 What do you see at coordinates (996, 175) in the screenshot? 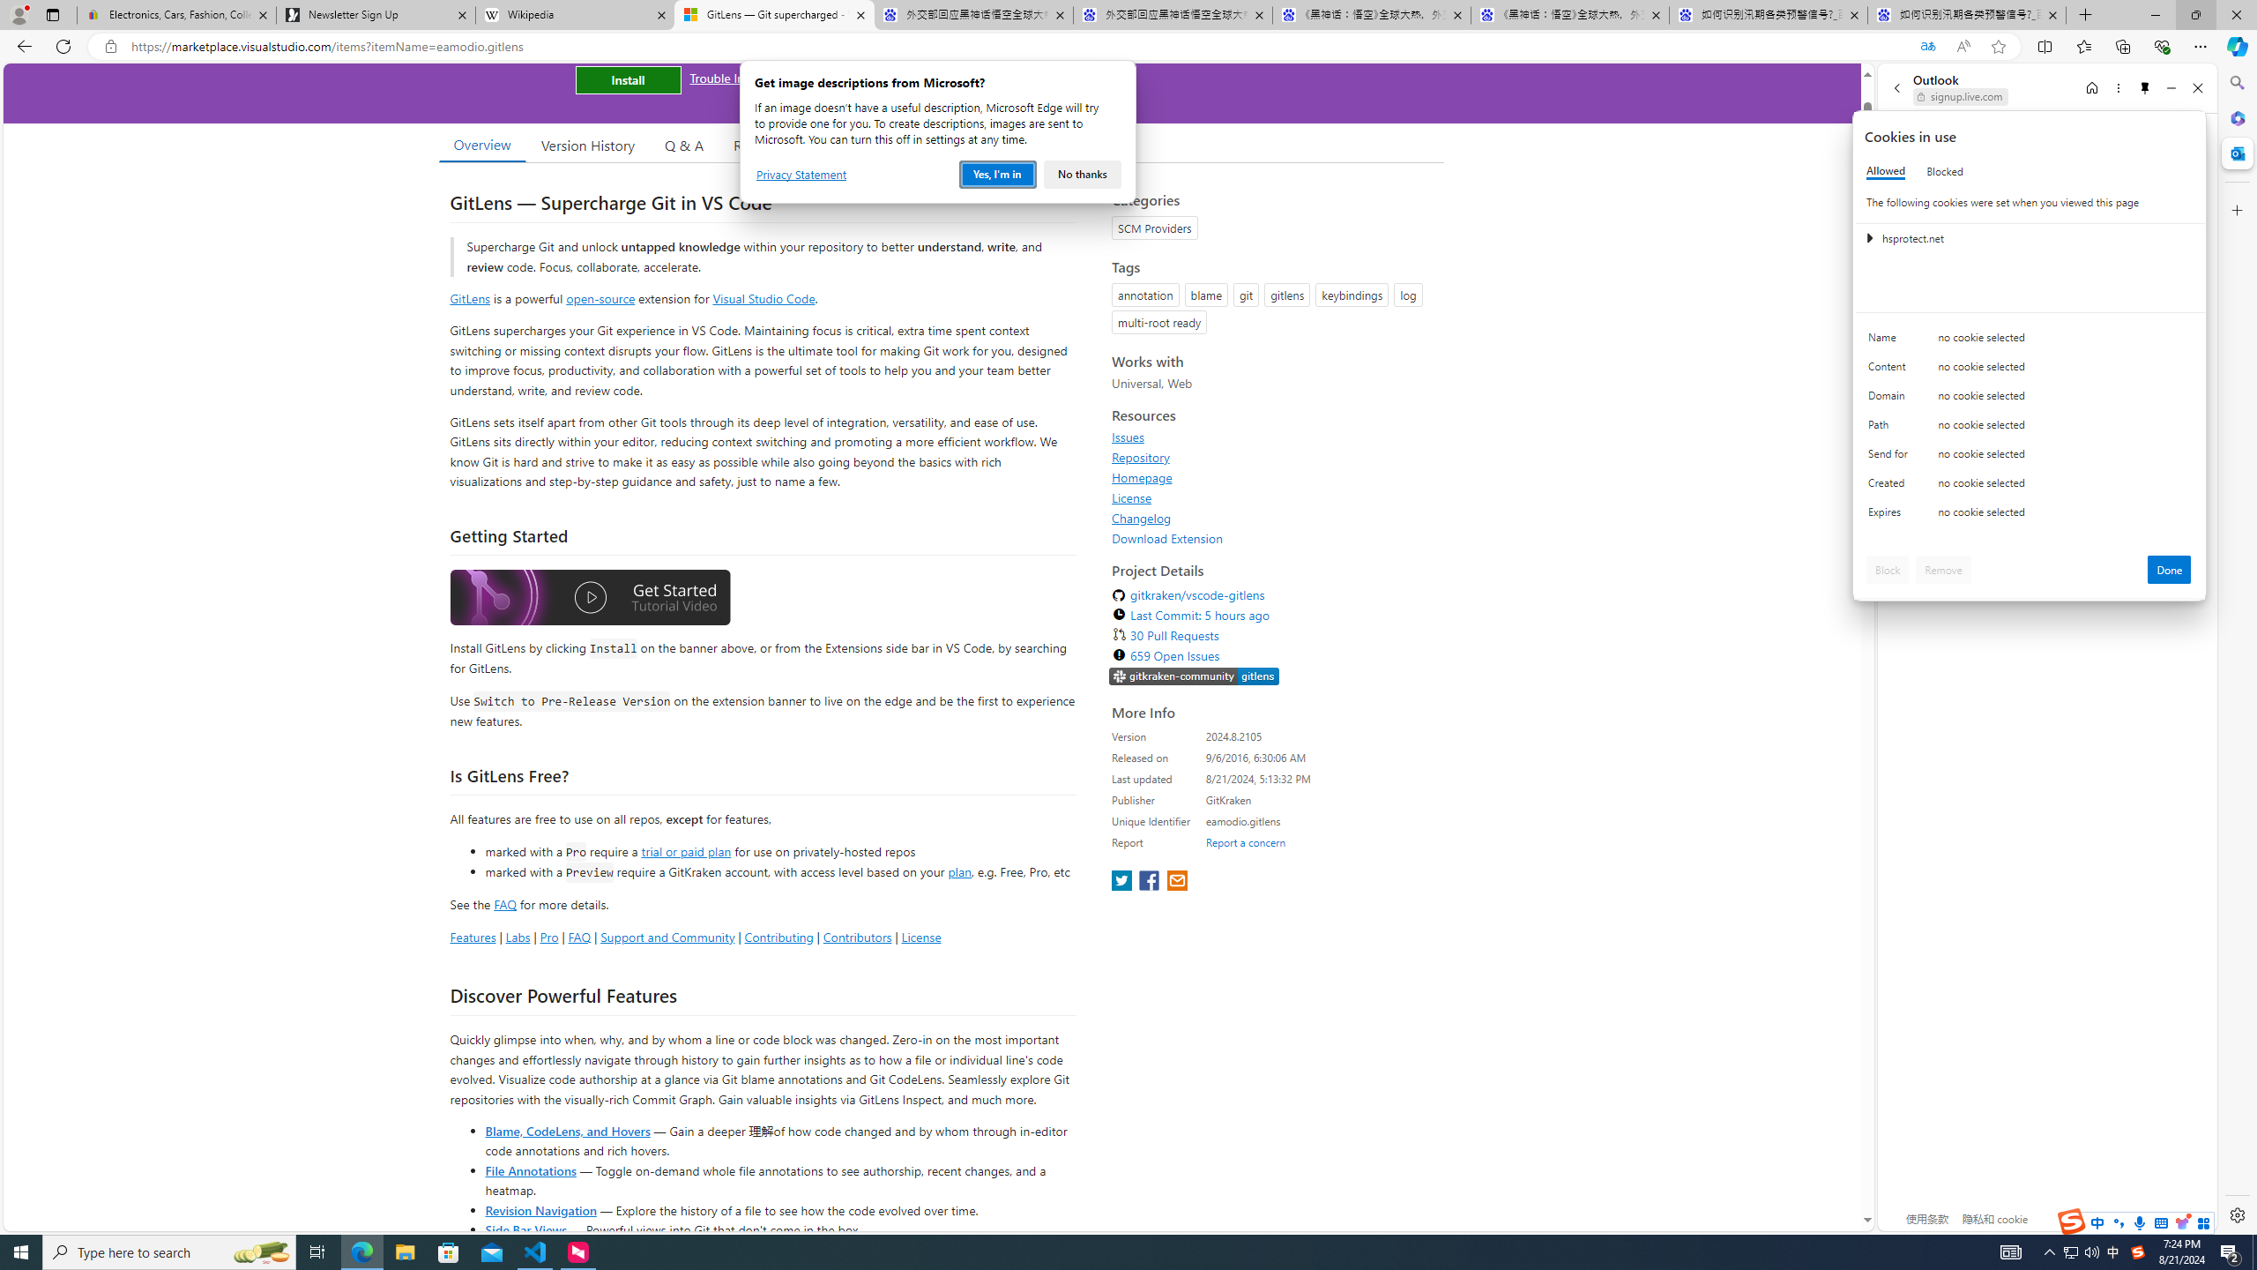
I see `'Yes, I'` at bounding box center [996, 175].